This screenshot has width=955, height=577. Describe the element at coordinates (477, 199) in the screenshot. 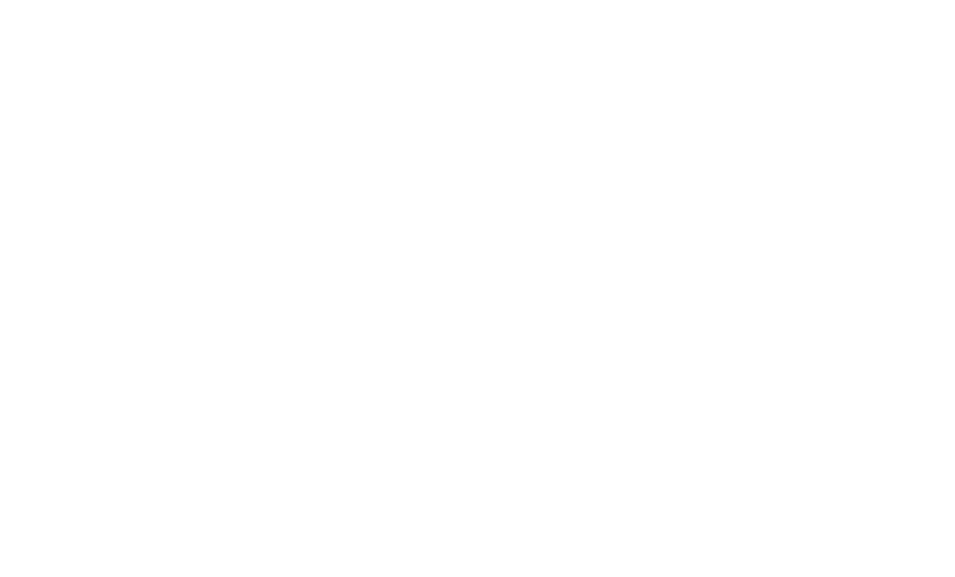

I see `'We would be happy to answer any of your questions!'` at that location.